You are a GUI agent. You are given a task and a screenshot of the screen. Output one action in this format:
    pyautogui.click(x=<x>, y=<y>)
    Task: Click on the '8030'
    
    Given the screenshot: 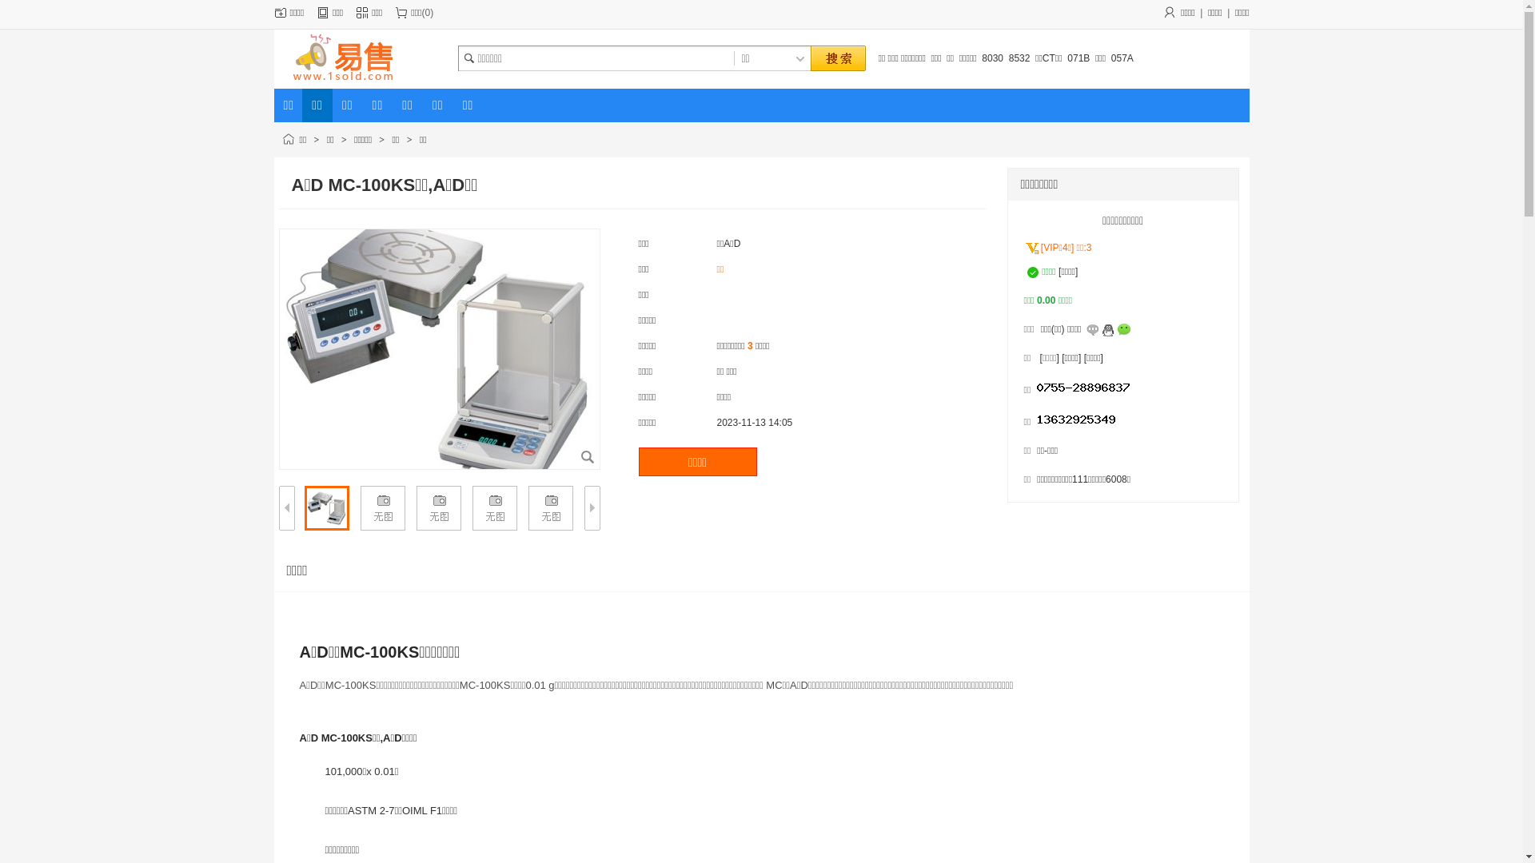 What is the action you would take?
    pyautogui.click(x=991, y=58)
    